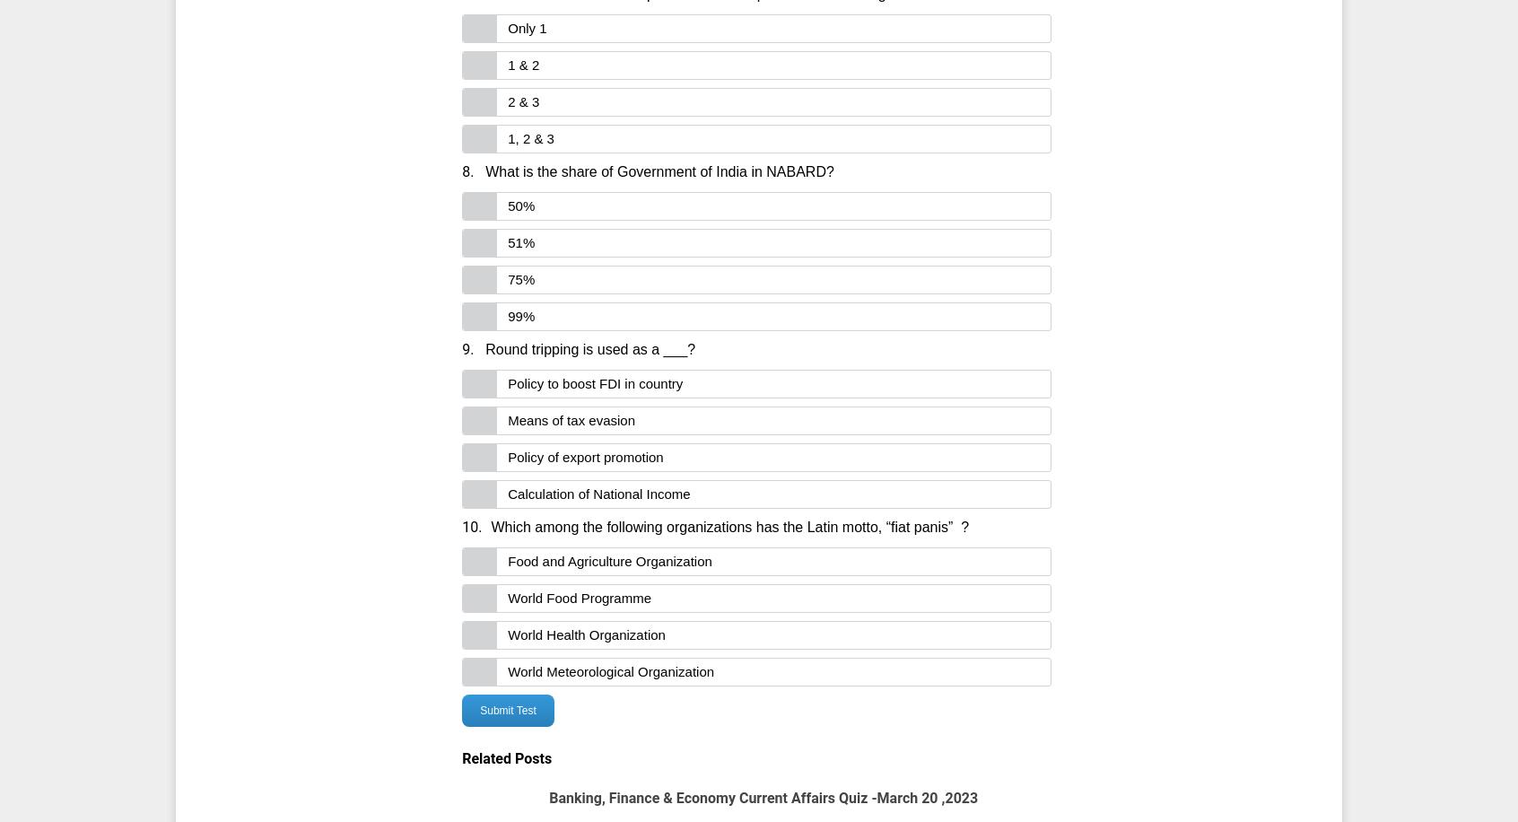 The image size is (1518, 822). What do you see at coordinates (506, 101) in the screenshot?
I see `'2 & 3'` at bounding box center [506, 101].